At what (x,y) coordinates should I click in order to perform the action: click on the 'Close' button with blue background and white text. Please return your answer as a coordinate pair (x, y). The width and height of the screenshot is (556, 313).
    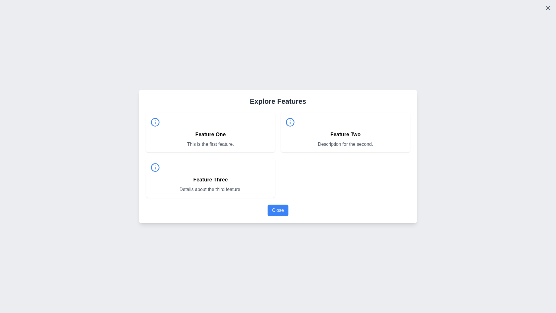
    Looking at the image, I should click on (278, 210).